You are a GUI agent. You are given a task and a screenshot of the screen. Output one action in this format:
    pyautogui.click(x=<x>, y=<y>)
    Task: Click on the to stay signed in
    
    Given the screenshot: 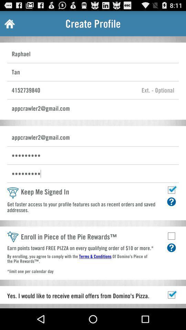 What is the action you would take?
    pyautogui.click(x=171, y=190)
    